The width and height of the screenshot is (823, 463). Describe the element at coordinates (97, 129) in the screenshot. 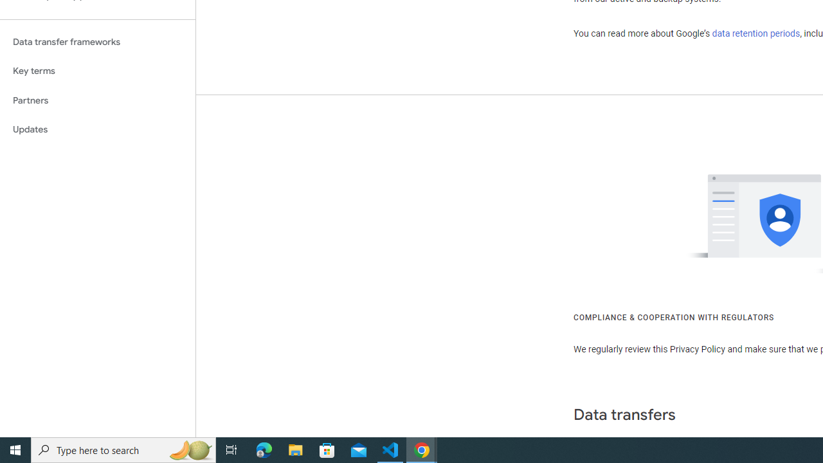

I see `'Updates'` at that location.